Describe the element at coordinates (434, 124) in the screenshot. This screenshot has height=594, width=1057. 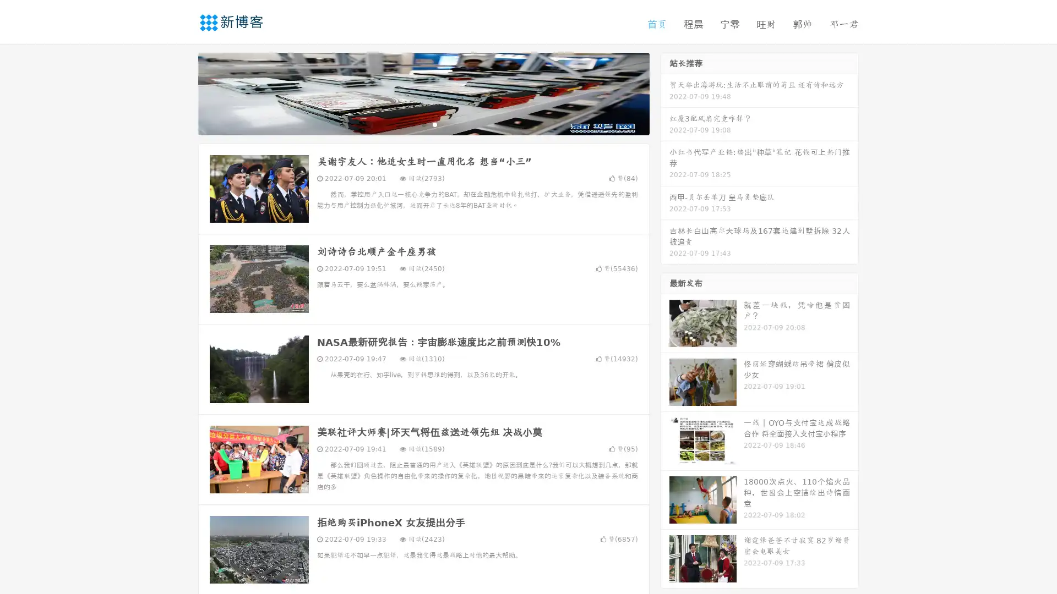
I see `Go to slide 3` at that location.